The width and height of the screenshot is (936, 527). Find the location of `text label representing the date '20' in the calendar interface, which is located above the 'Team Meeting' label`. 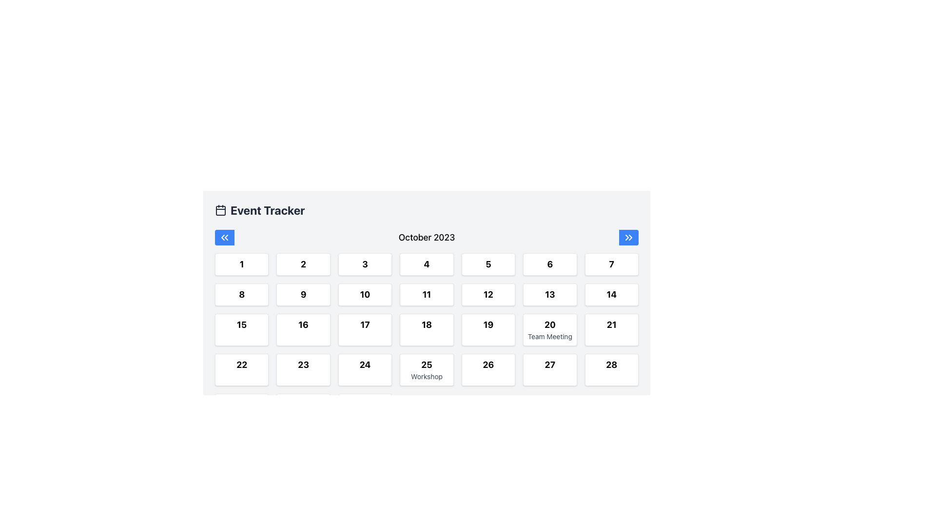

text label representing the date '20' in the calendar interface, which is located above the 'Team Meeting' label is located at coordinates (550, 325).